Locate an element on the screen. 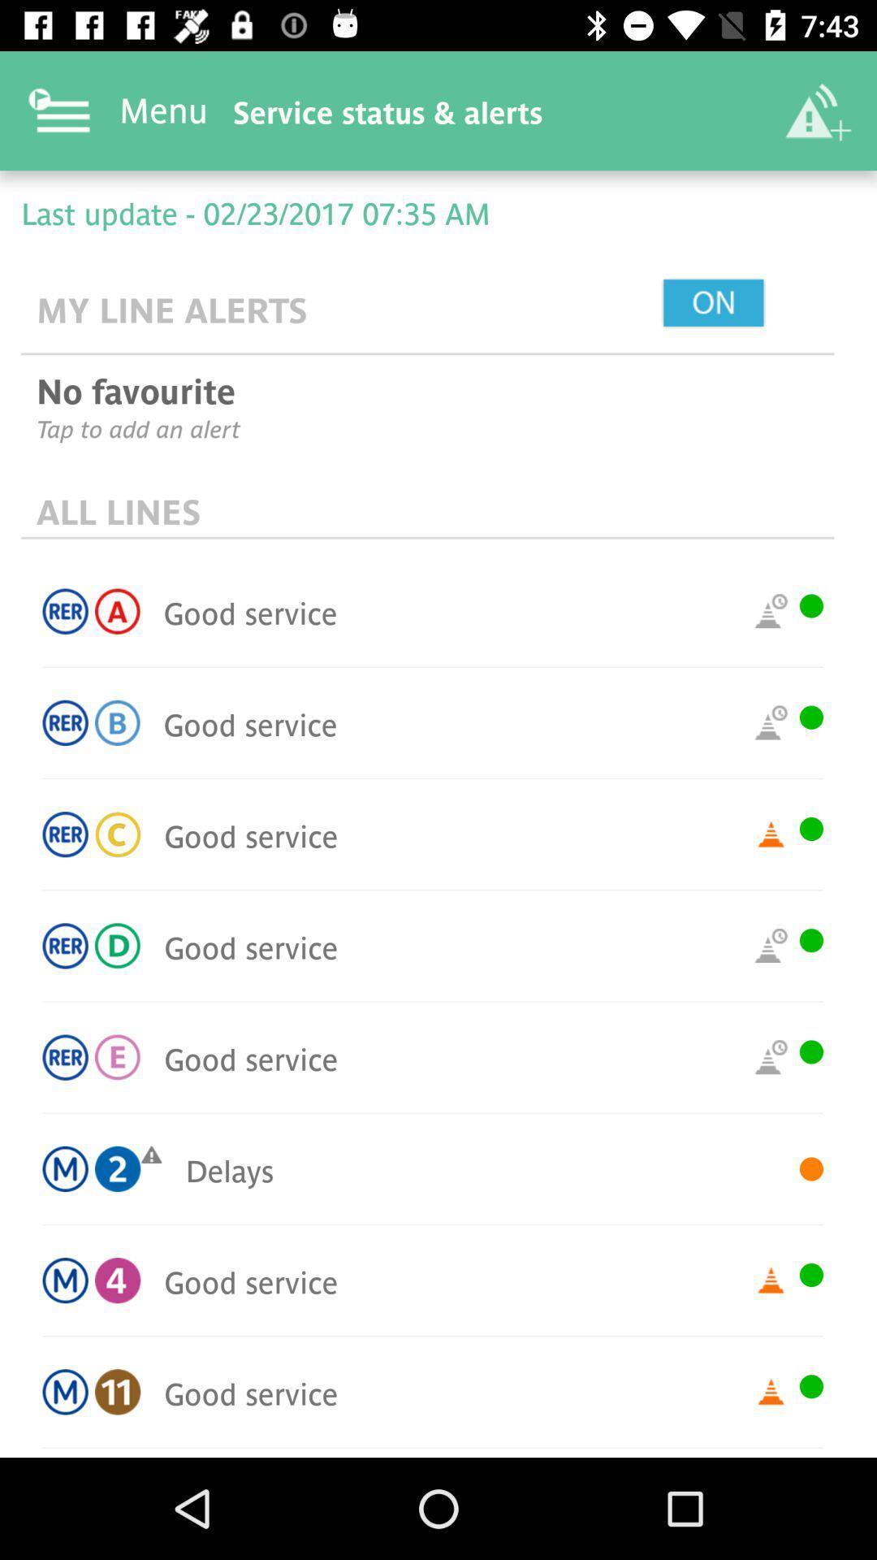 The image size is (877, 1560). item below last update 02 is located at coordinates (750, 304).